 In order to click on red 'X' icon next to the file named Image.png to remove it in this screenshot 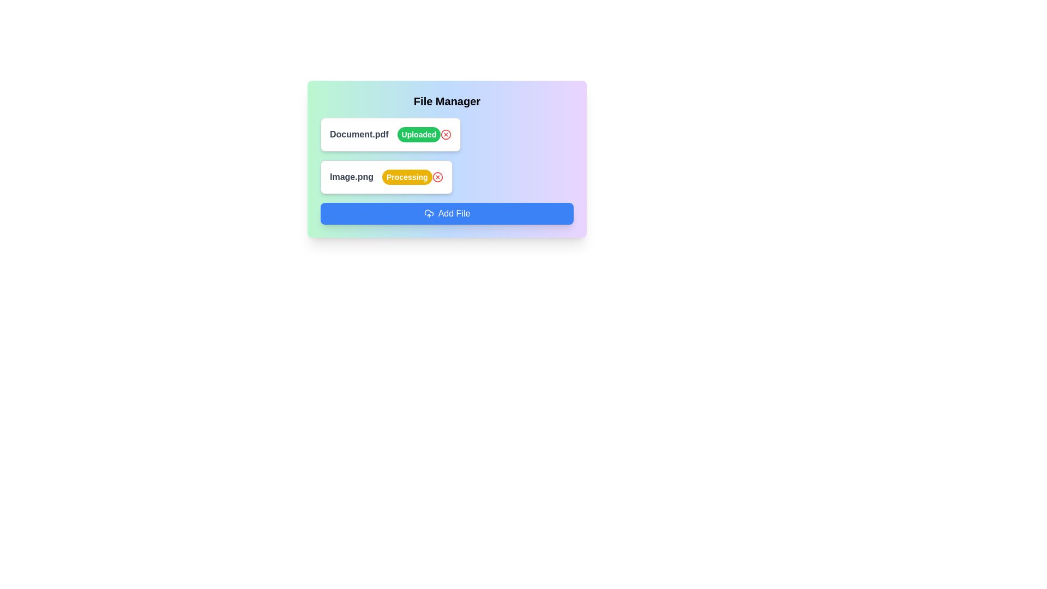, I will do `click(437, 176)`.